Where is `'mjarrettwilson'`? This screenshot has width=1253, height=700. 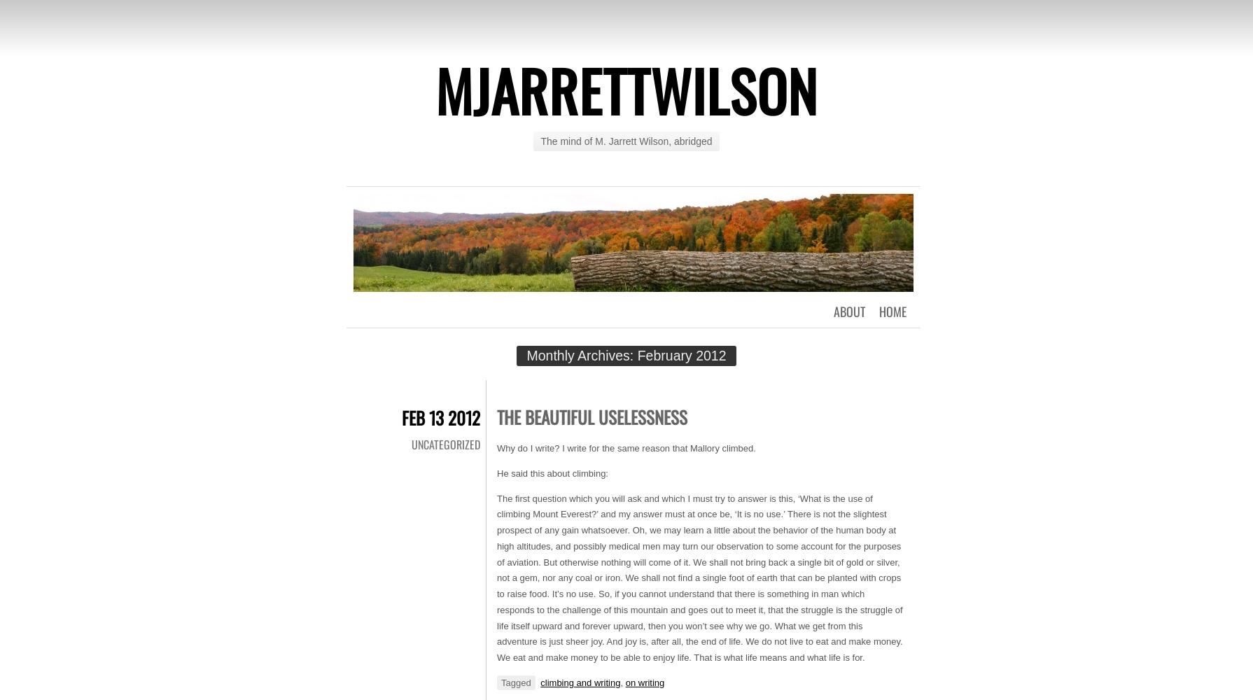
'mjarrettwilson' is located at coordinates (626, 90).